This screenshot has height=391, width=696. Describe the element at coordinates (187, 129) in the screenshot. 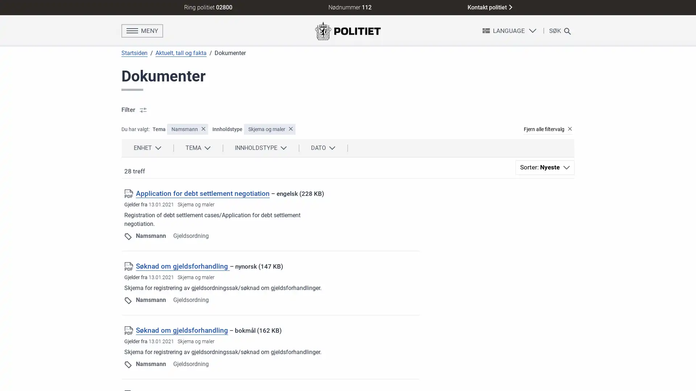

I see `Namsmann Fjern filter` at that location.